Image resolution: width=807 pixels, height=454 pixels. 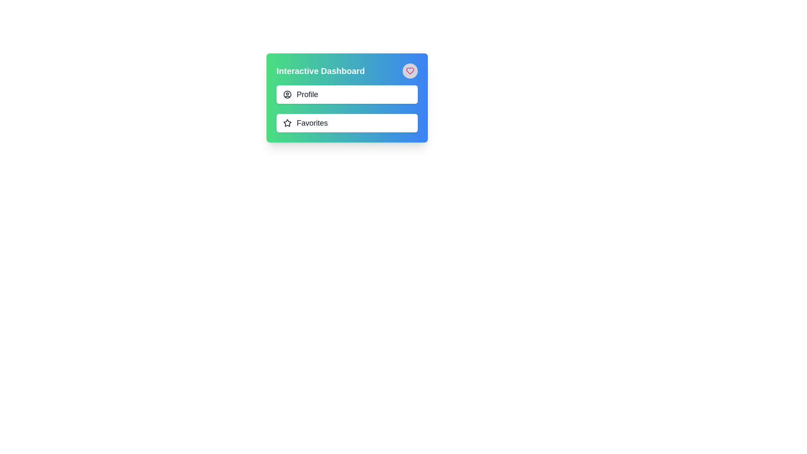 I want to click on the favorite icon embedded in the circular button located at the top-right corner of the dashboard header to mark or unmark an item as favorite, so click(x=410, y=71).